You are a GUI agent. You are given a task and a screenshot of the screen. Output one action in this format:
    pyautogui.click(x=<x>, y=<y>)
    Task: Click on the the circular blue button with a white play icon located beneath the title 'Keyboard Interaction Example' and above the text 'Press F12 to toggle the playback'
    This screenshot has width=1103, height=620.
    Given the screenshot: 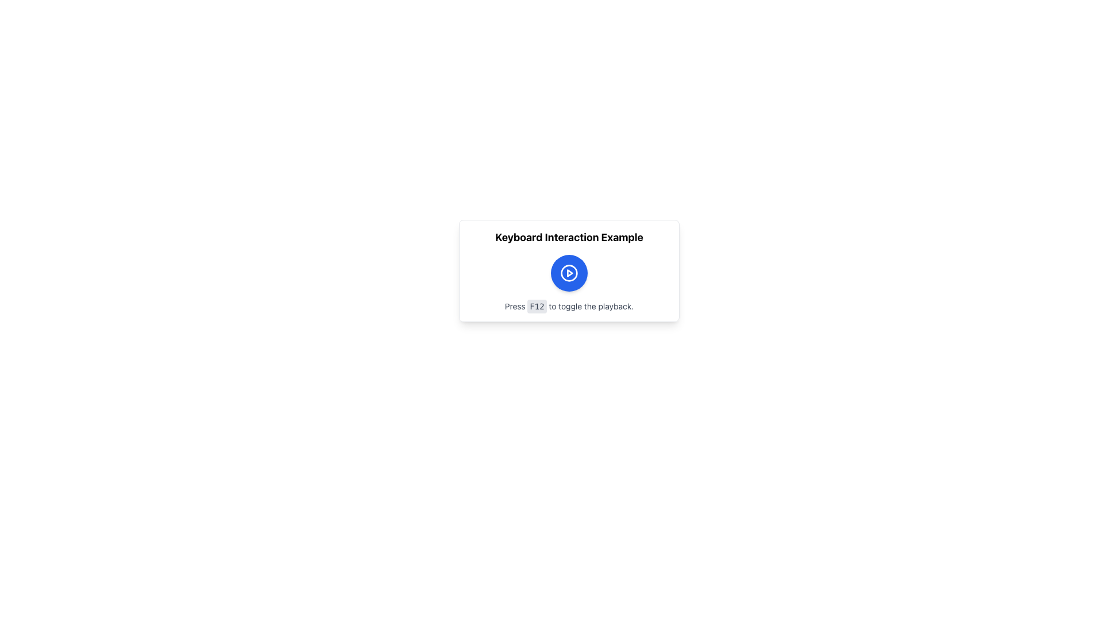 What is the action you would take?
    pyautogui.click(x=569, y=273)
    